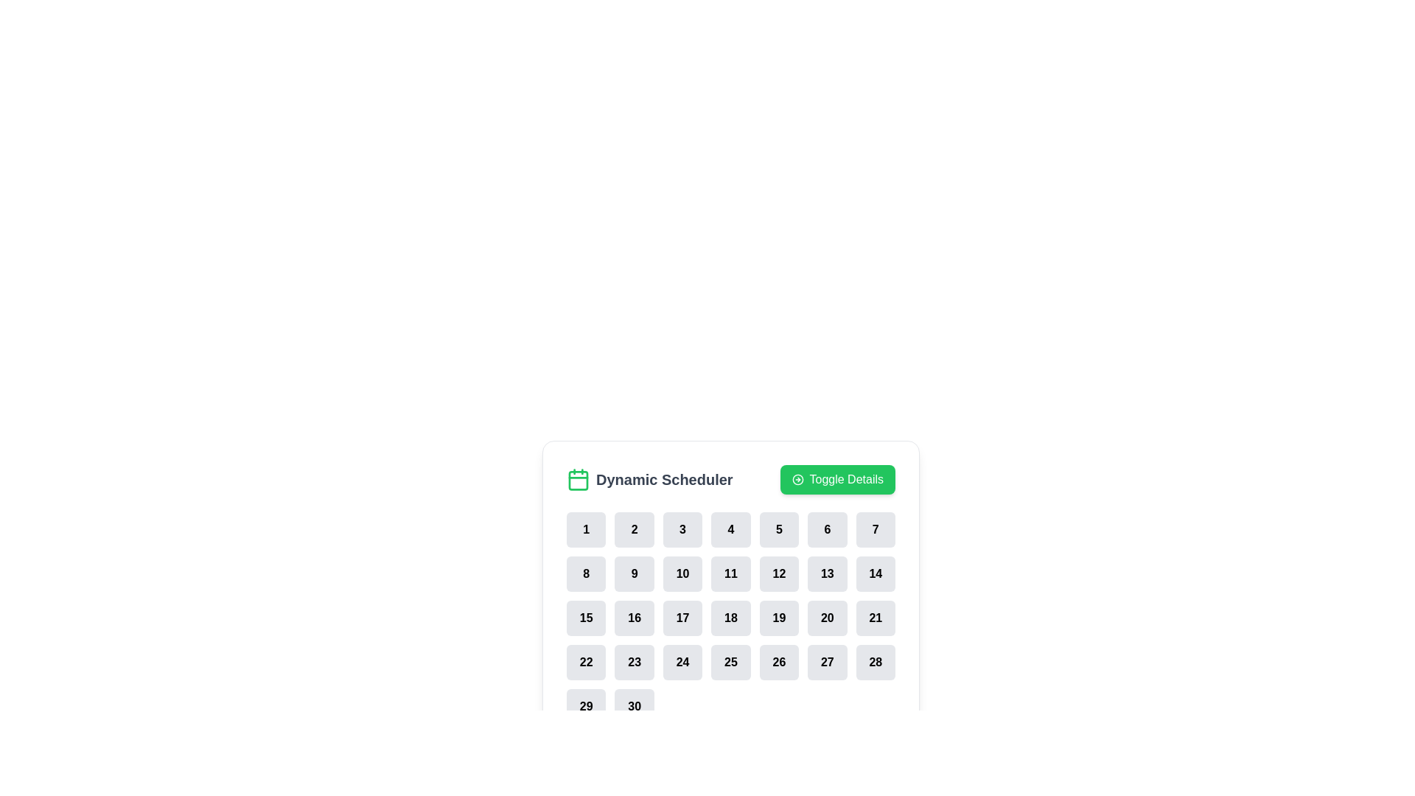 The width and height of the screenshot is (1415, 796). Describe the element at coordinates (635, 528) in the screenshot. I see `the button labeled '2' in the calendar view located within the 'Dynamic Scheduler' section` at that location.